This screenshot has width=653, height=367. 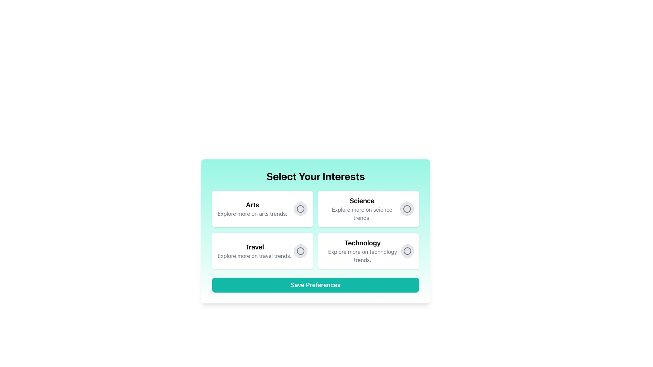 I want to click on the 'Travel' selectable card which features bold text and a smaller gray text description, located in the second row, first column of the grid, so click(x=254, y=251).